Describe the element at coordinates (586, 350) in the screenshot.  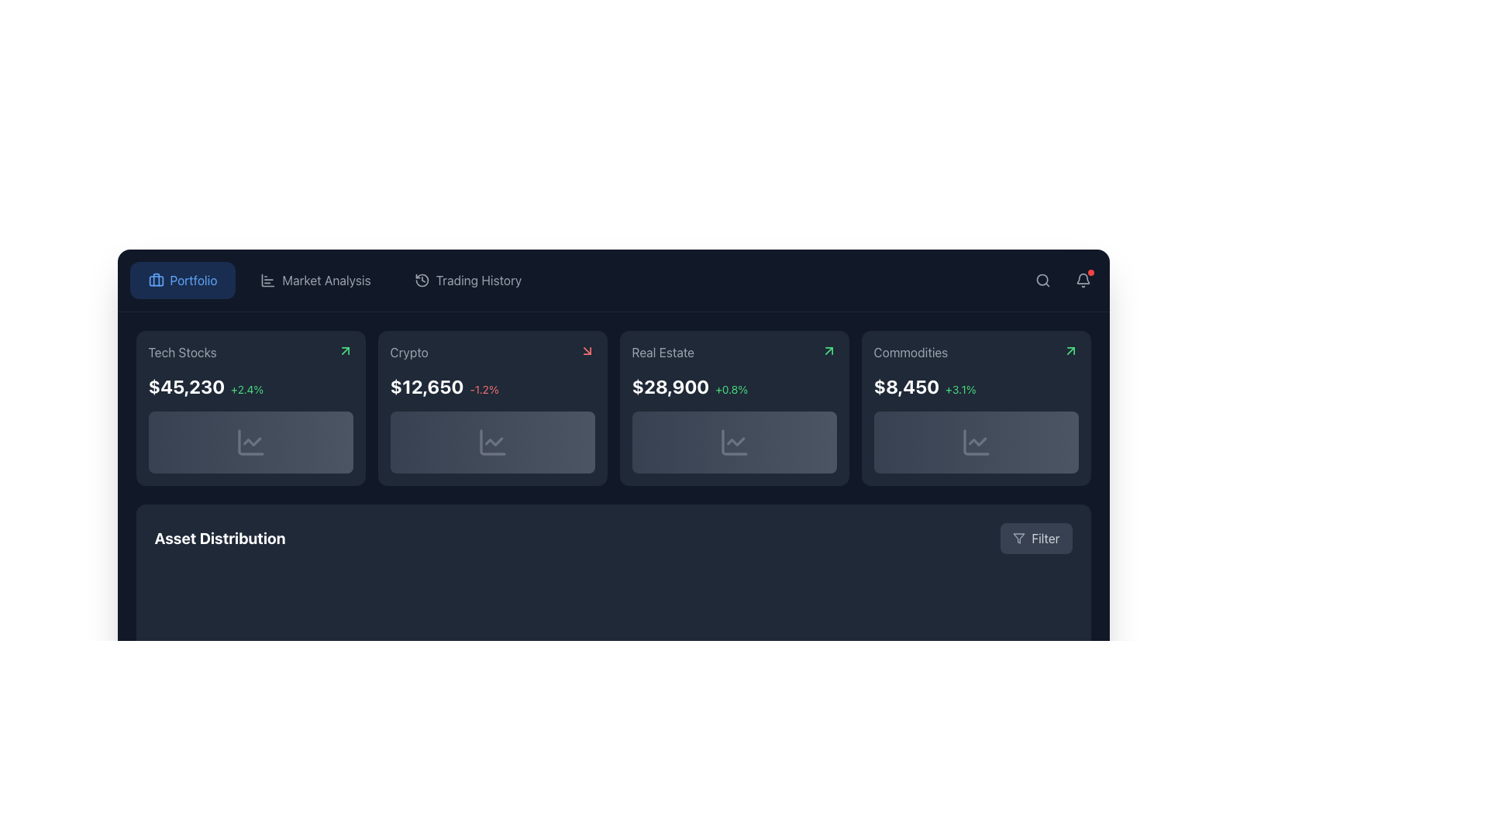
I see `the small red arrow icon pointing downwards and to the right located in the top-right corner of the 'Crypto' card on the dashboard interface` at that location.